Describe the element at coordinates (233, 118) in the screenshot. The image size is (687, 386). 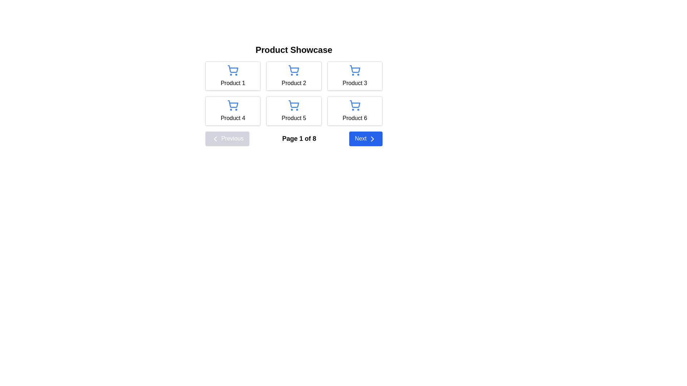
I see `the text label identifying 'Product 4', located in the fourth block of a grid, centered below the shopping cart icon` at that location.